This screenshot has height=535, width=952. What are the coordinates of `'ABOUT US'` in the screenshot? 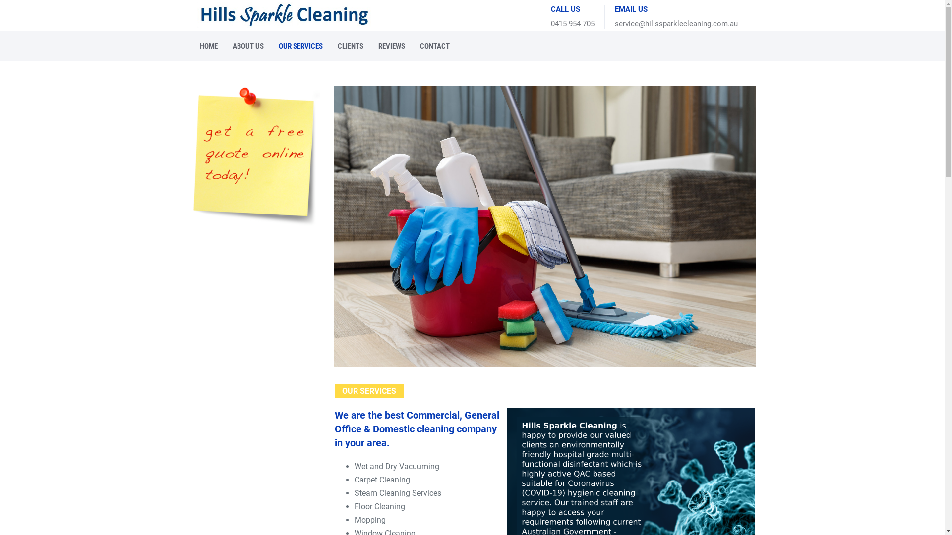 It's located at (248, 46).